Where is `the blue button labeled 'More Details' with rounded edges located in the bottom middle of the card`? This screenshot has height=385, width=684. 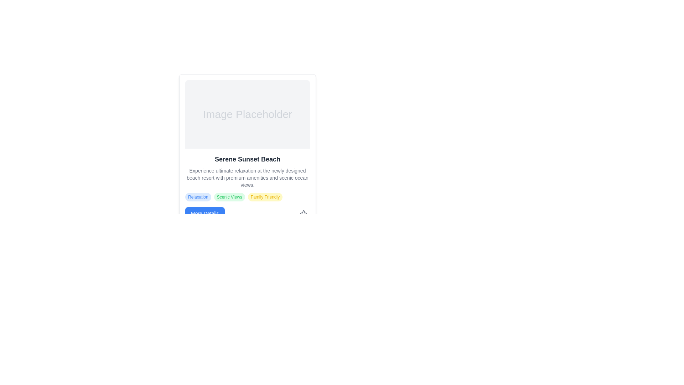
the blue button labeled 'More Details' with rounded edges located in the bottom middle of the card is located at coordinates (204, 213).